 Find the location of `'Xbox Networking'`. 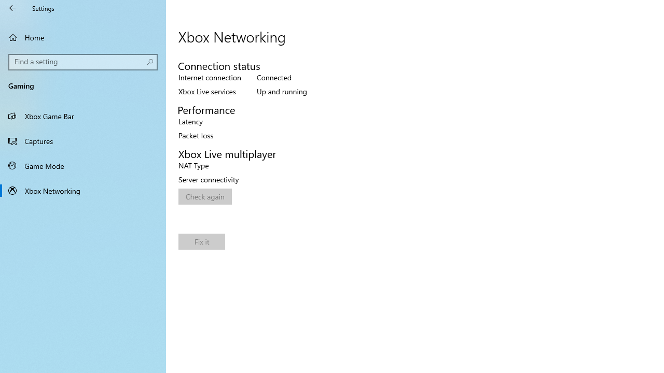

'Xbox Networking' is located at coordinates (83, 190).